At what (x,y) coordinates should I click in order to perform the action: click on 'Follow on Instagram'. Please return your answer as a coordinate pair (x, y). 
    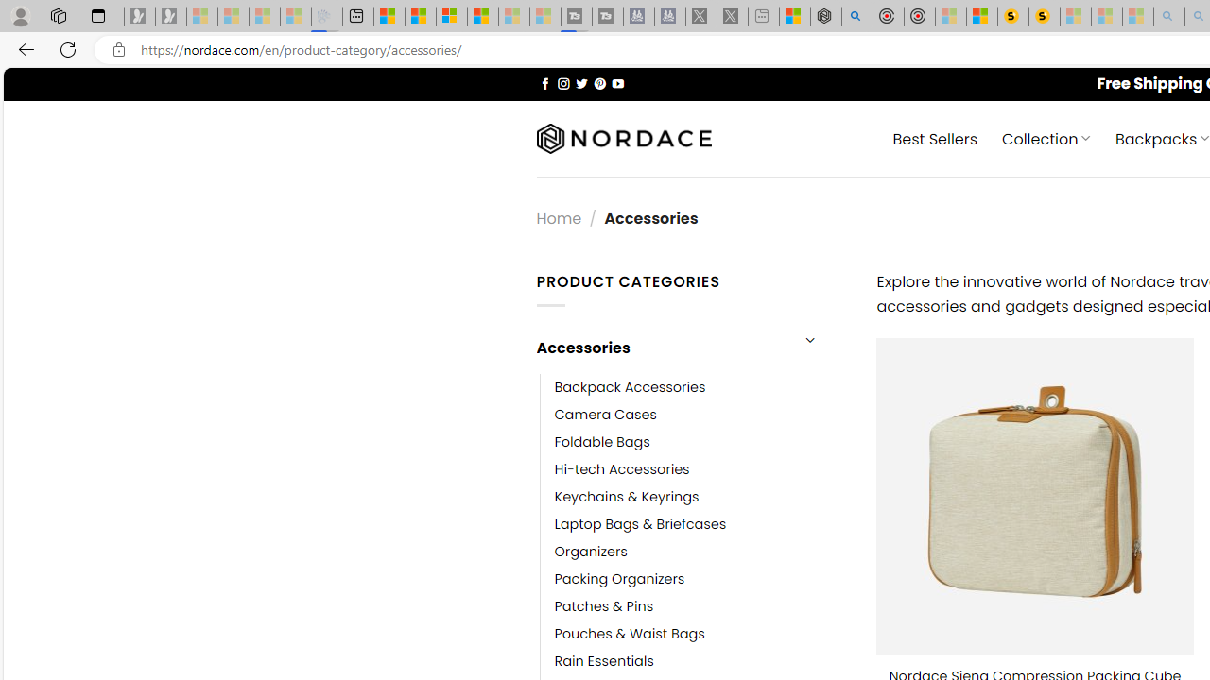
    Looking at the image, I should click on (562, 82).